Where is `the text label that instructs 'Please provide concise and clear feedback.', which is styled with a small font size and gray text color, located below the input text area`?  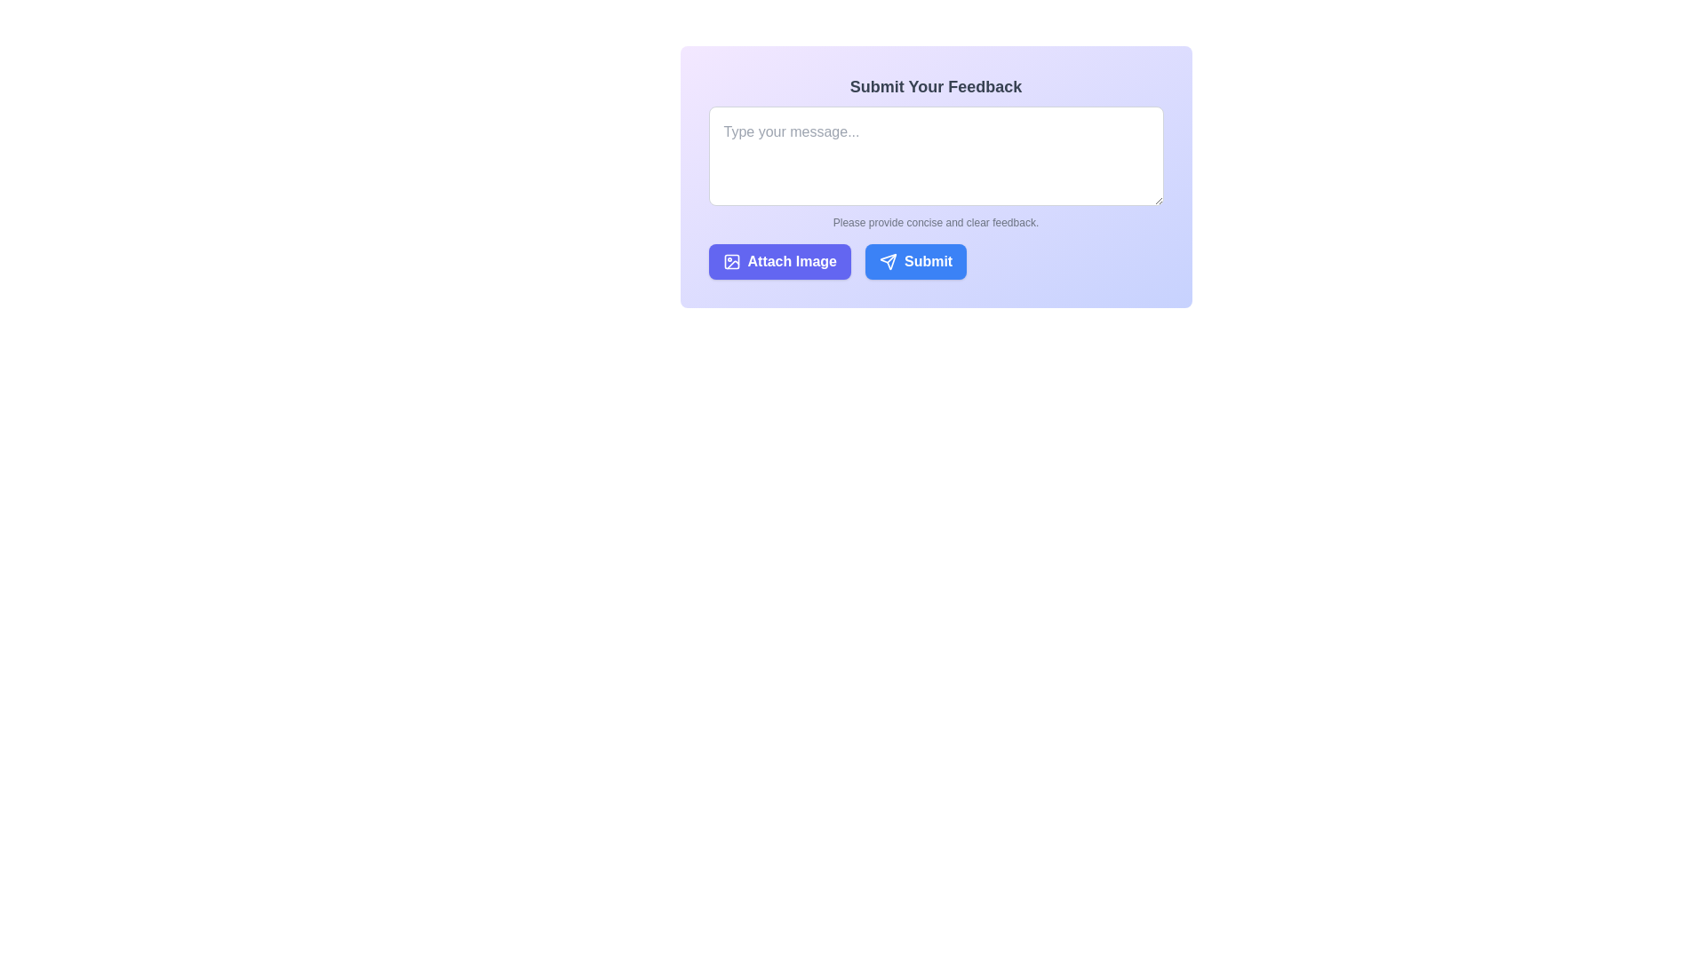
the text label that instructs 'Please provide concise and clear feedback.', which is styled with a small font size and gray text color, located below the input text area is located at coordinates (935, 221).